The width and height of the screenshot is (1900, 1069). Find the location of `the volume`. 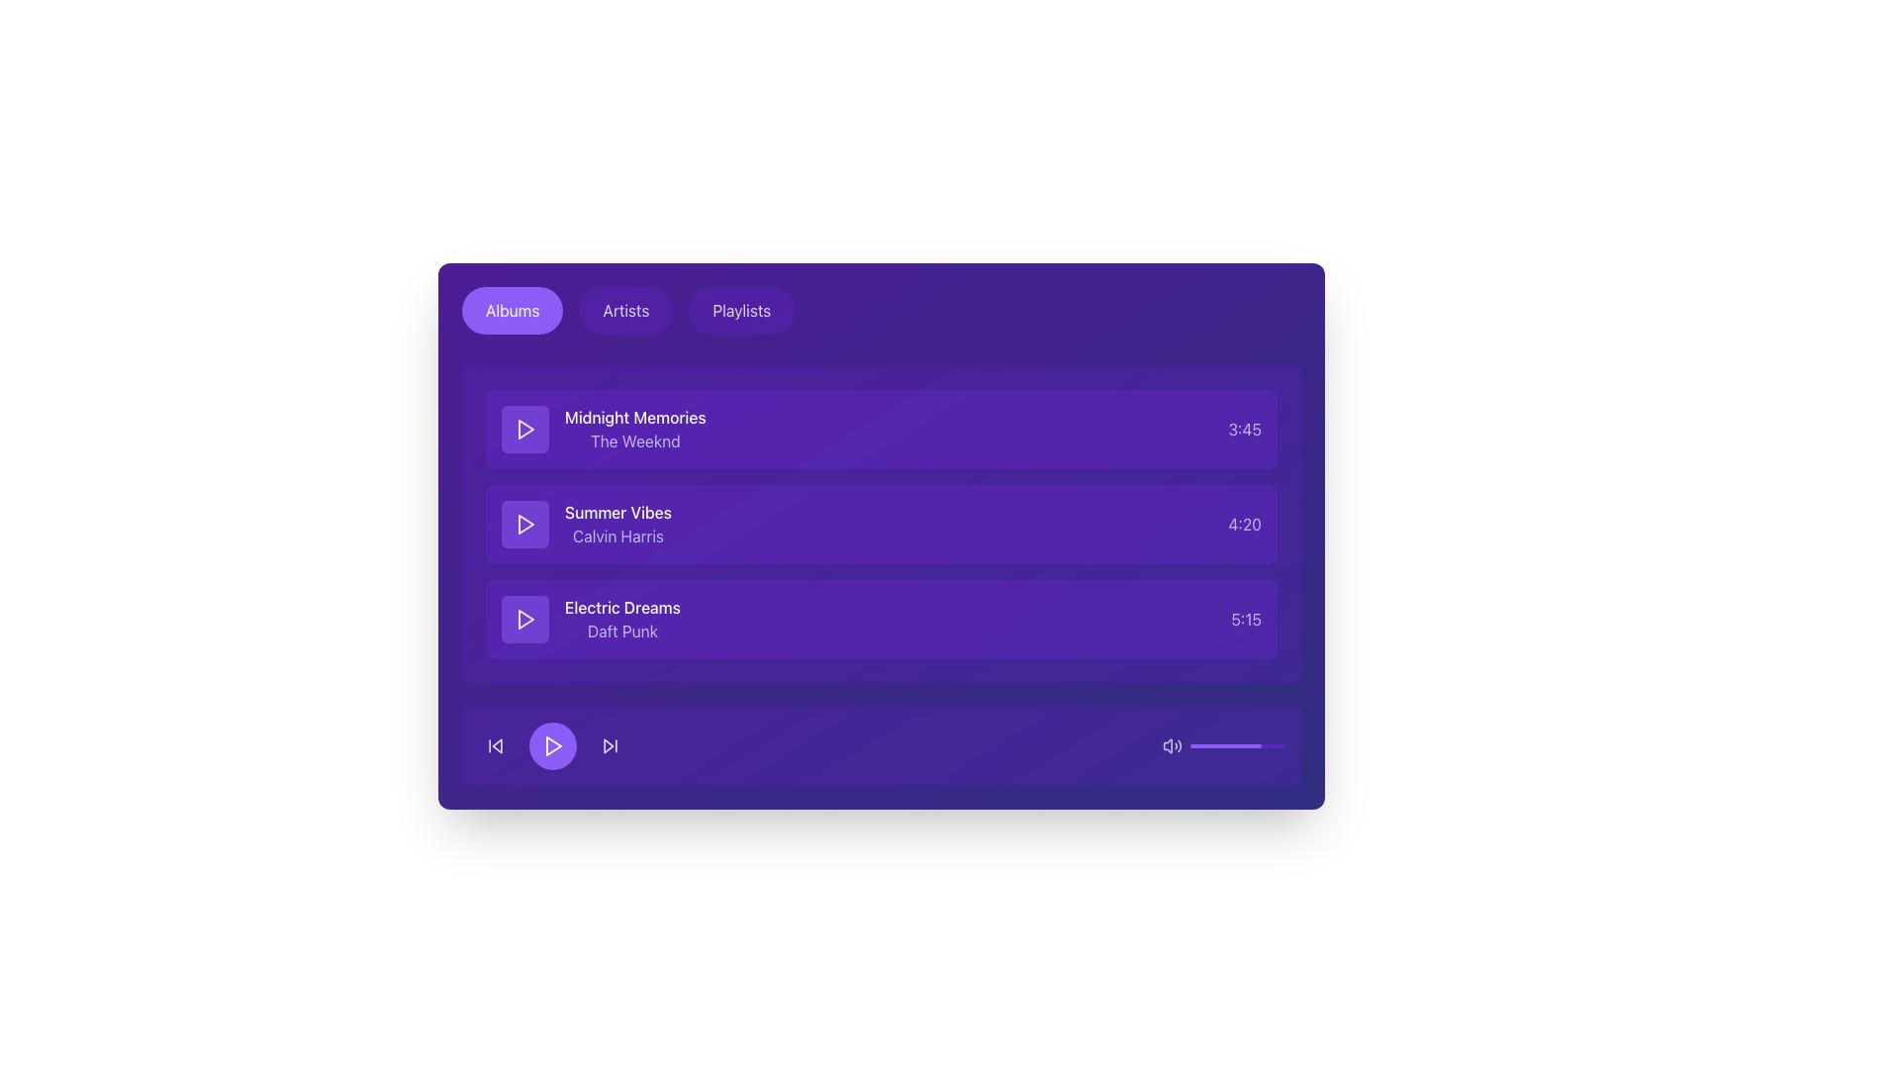

the volume is located at coordinates (1196, 745).